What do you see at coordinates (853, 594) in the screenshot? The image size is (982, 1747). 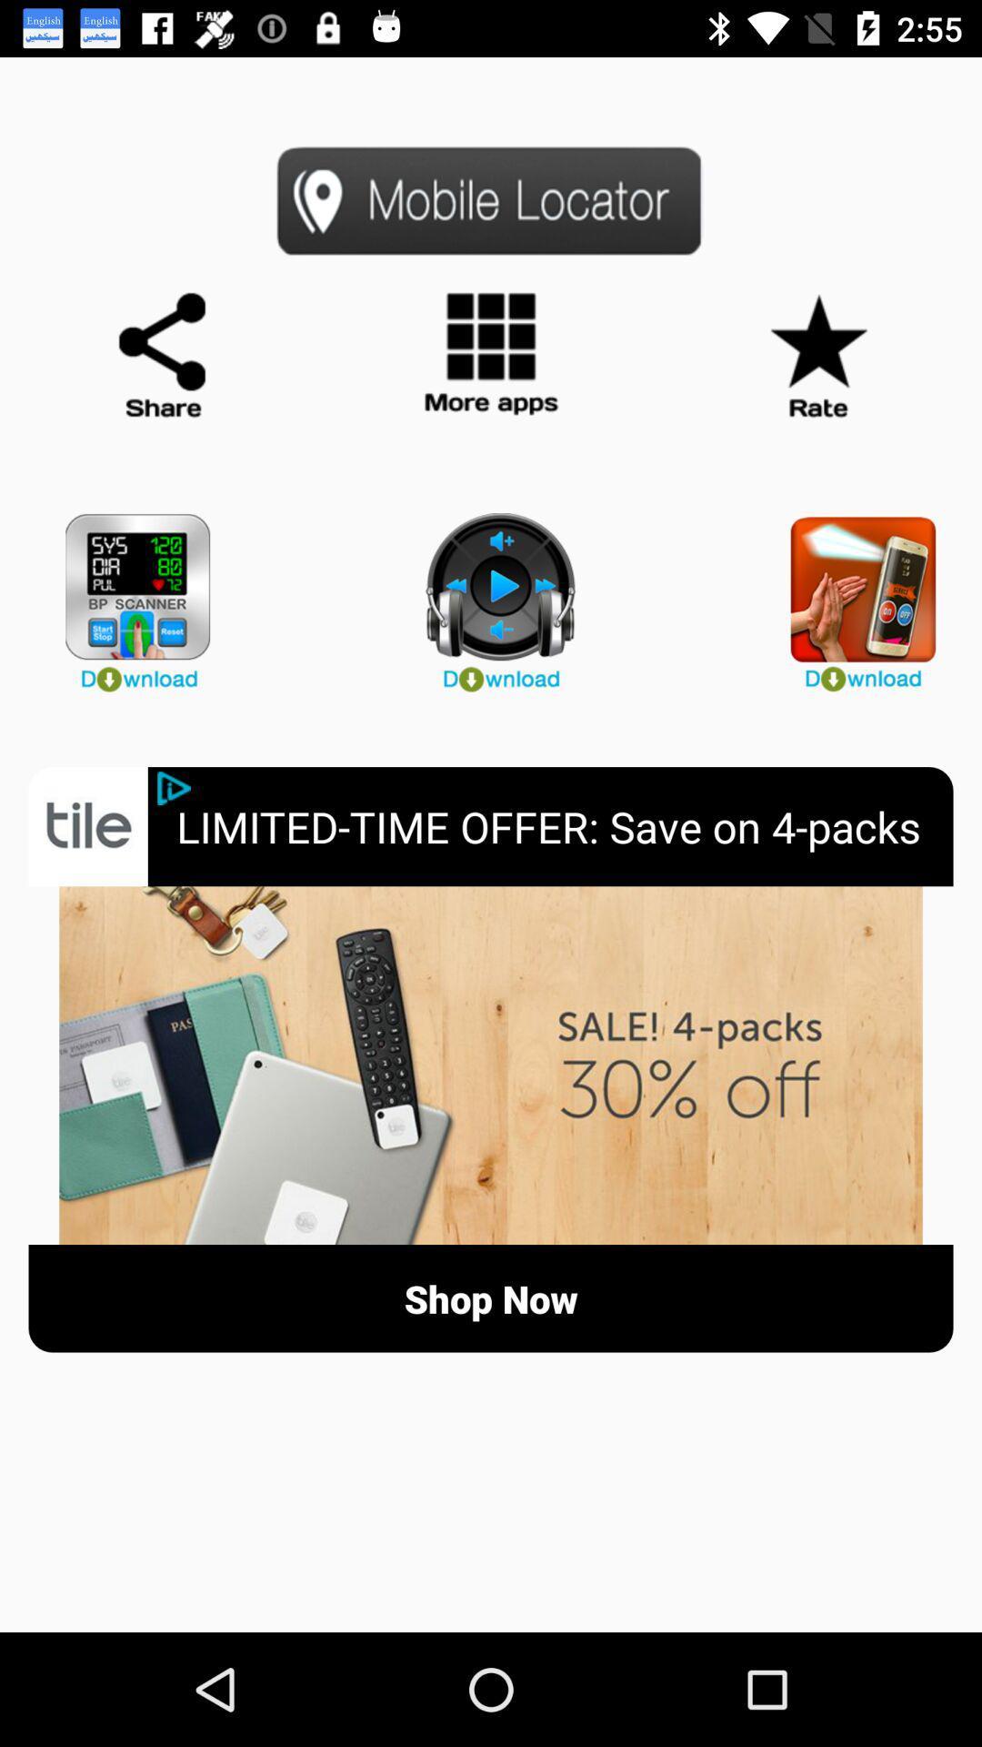 I see `the icon on the right` at bounding box center [853, 594].